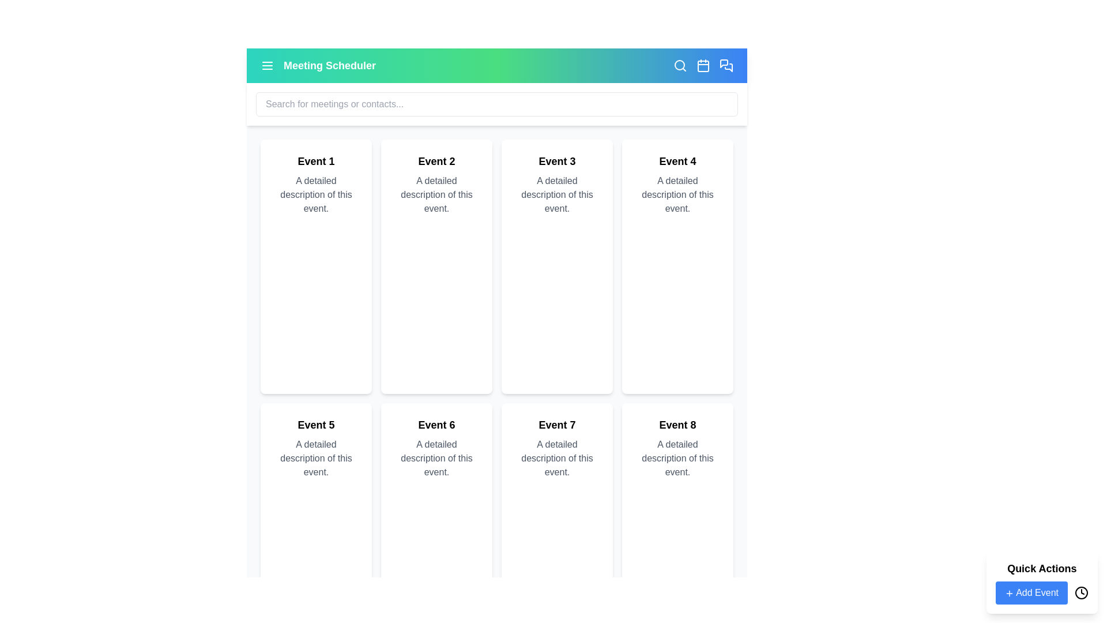 Image resolution: width=1107 pixels, height=623 pixels. What do you see at coordinates (267, 66) in the screenshot?
I see `the Hamburger Menu icon located on the left side of the header bar before the 'Meeting Scheduler' text` at bounding box center [267, 66].